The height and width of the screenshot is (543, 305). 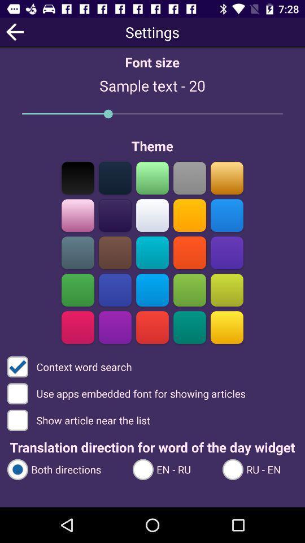 I want to click on theme color blue, so click(x=226, y=215).